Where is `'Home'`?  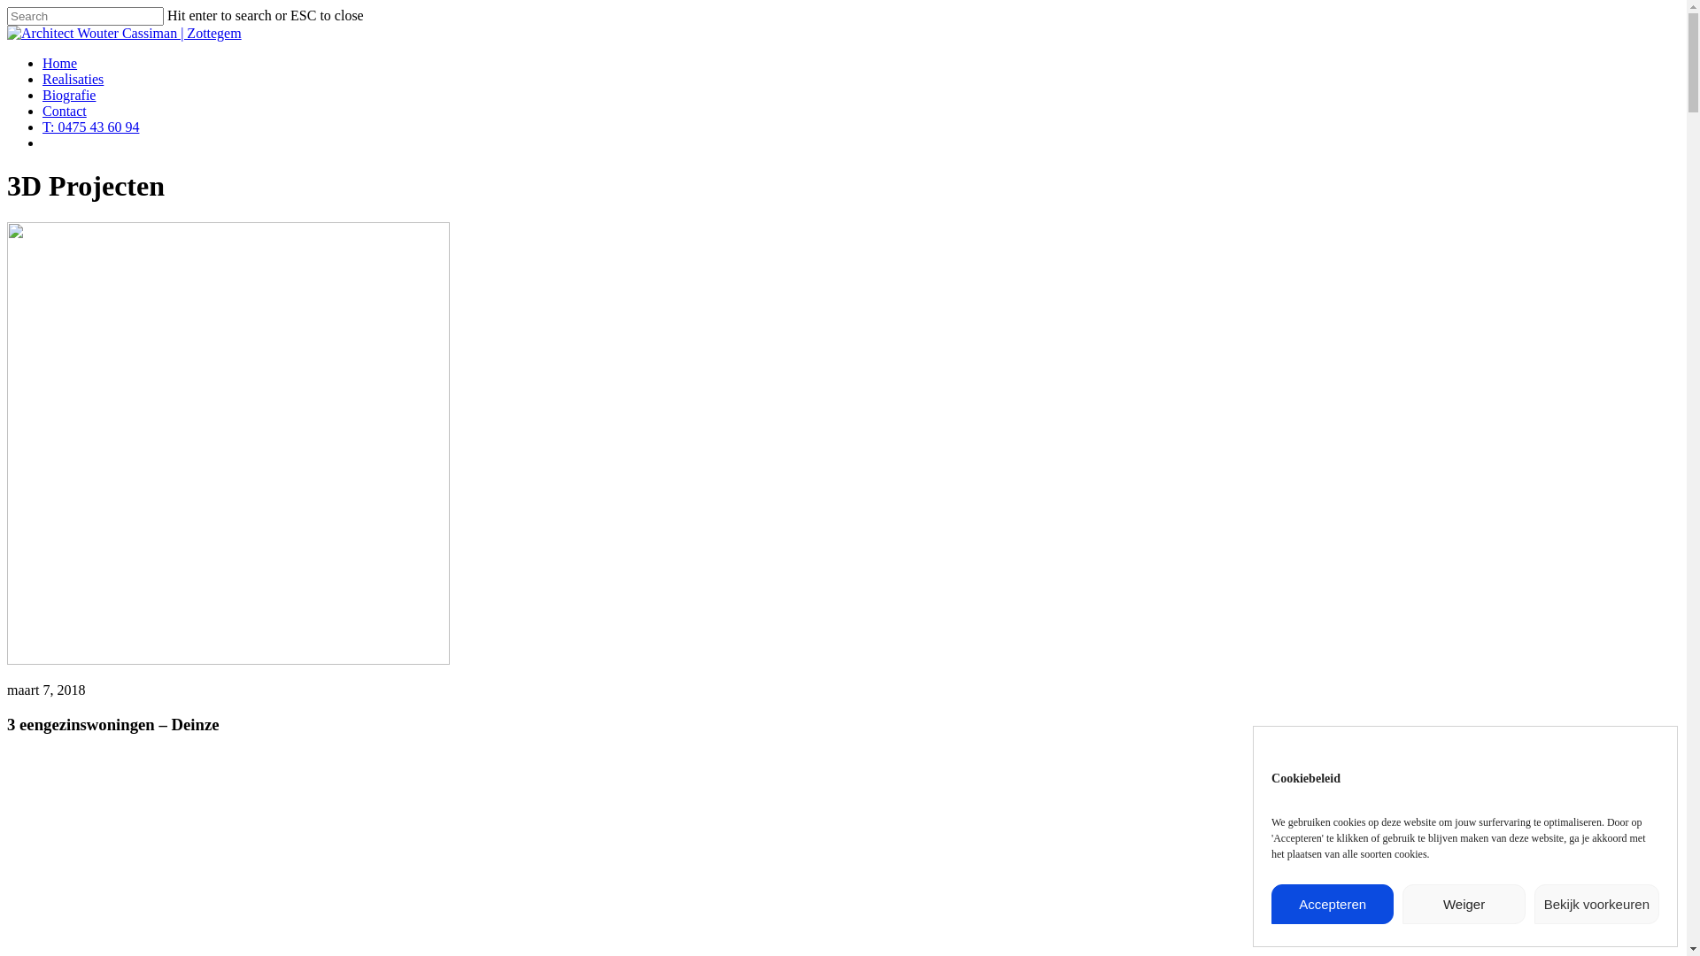
'Home' is located at coordinates (59, 62).